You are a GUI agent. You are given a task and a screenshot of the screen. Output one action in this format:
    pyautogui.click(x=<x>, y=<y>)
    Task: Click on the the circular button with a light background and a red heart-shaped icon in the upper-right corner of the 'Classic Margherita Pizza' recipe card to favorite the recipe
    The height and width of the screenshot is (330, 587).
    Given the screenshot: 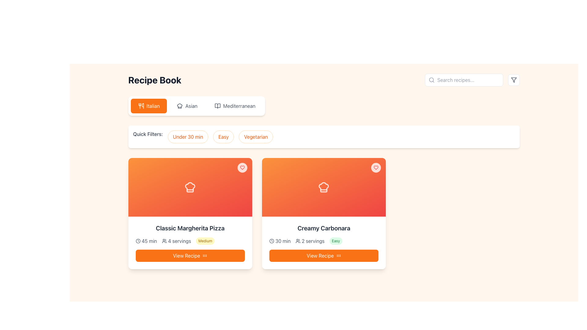 What is the action you would take?
    pyautogui.click(x=242, y=167)
    